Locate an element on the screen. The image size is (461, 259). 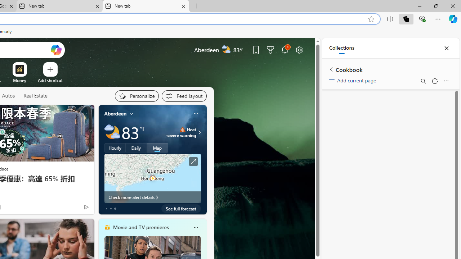
'Microsoft rewards' is located at coordinates (270, 49).